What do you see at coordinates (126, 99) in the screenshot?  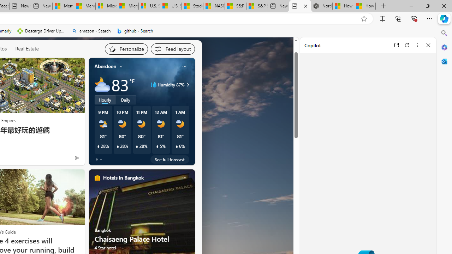 I see `'Daily'` at bounding box center [126, 99].